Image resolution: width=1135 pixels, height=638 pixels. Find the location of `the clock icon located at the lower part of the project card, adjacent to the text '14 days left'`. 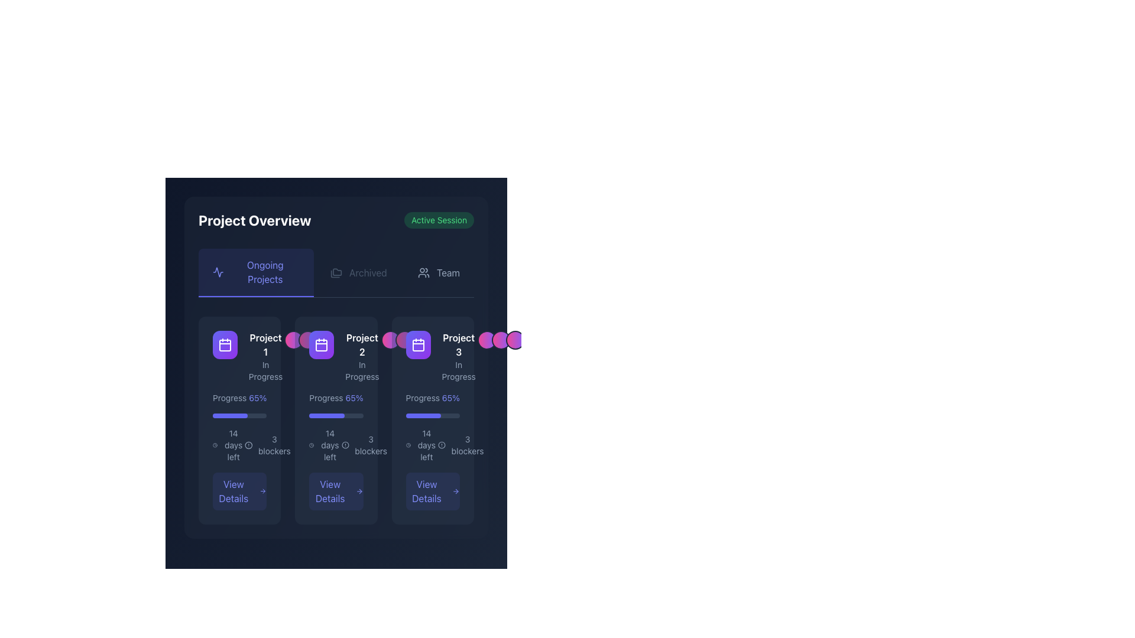

the clock icon located at the lower part of the project card, adjacent to the text '14 days left' is located at coordinates (312, 445).